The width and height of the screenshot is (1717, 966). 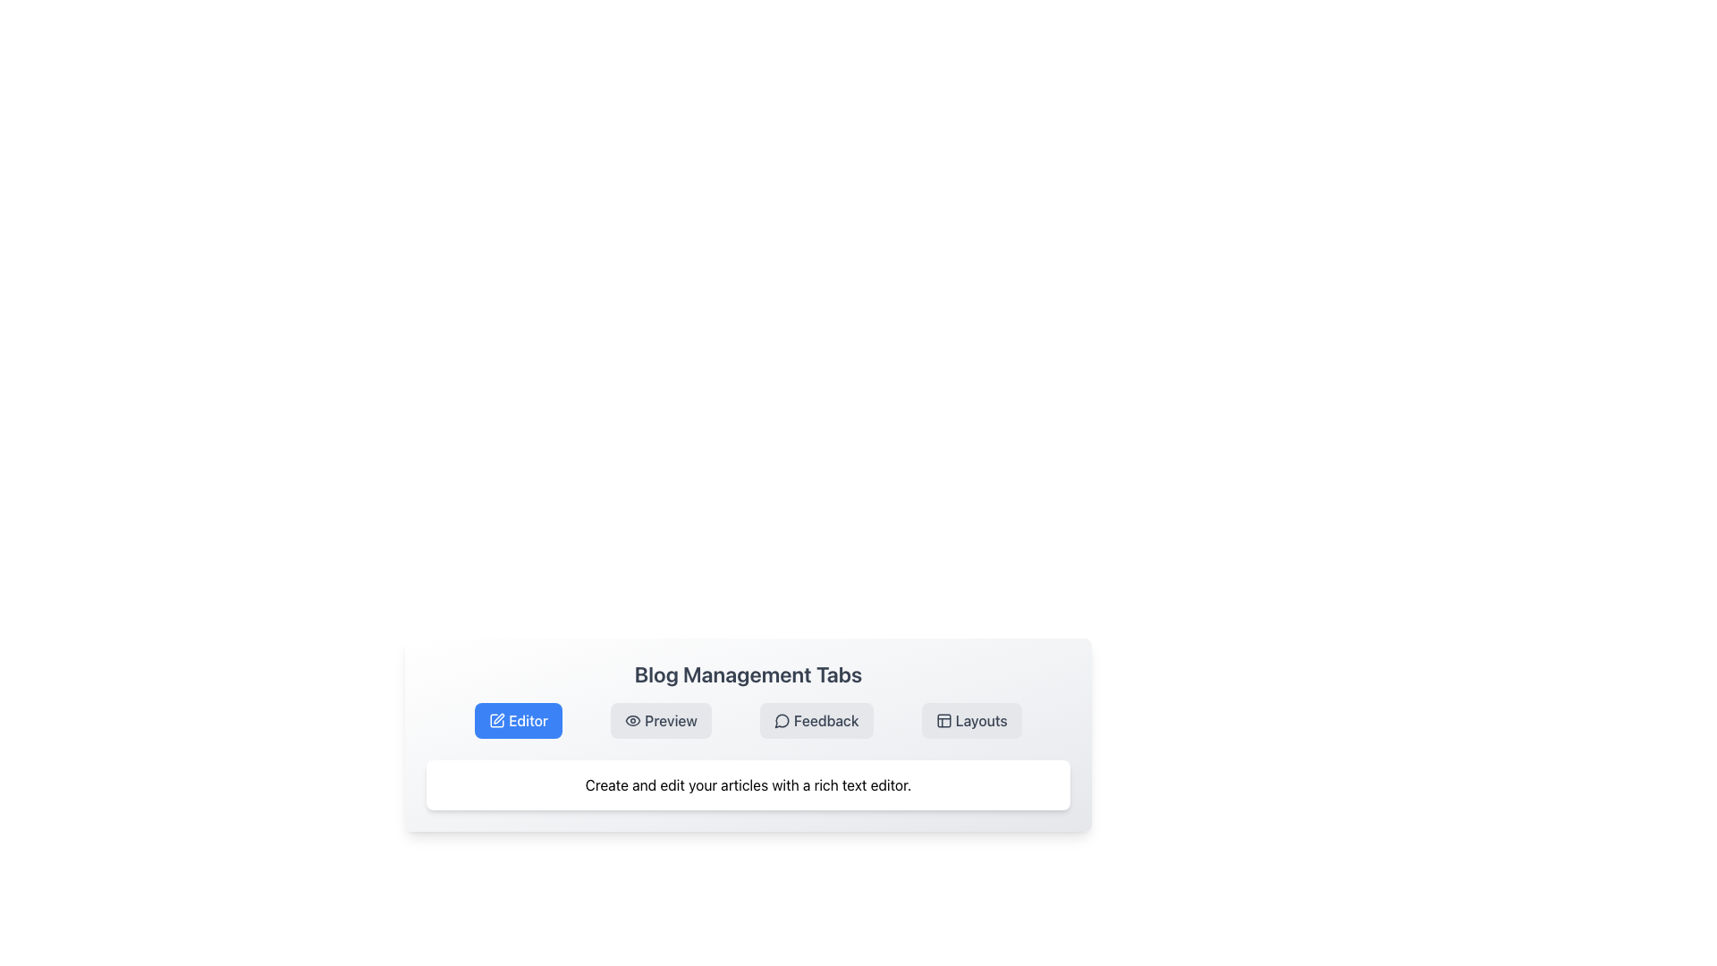 What do you see at coordinates (518, 720) in the screenshot?
I see `the first button in the 'Blog Management Tabs' section` at bounding box center [518, 720].